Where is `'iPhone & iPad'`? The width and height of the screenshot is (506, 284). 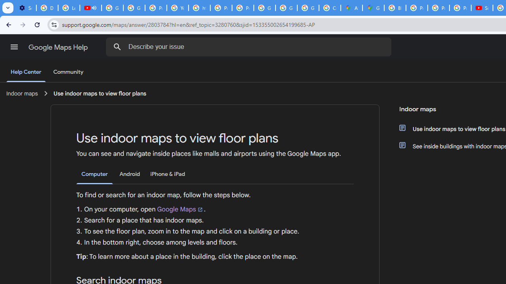
'iPhone & iPad' is located at coordinates (167, 174).